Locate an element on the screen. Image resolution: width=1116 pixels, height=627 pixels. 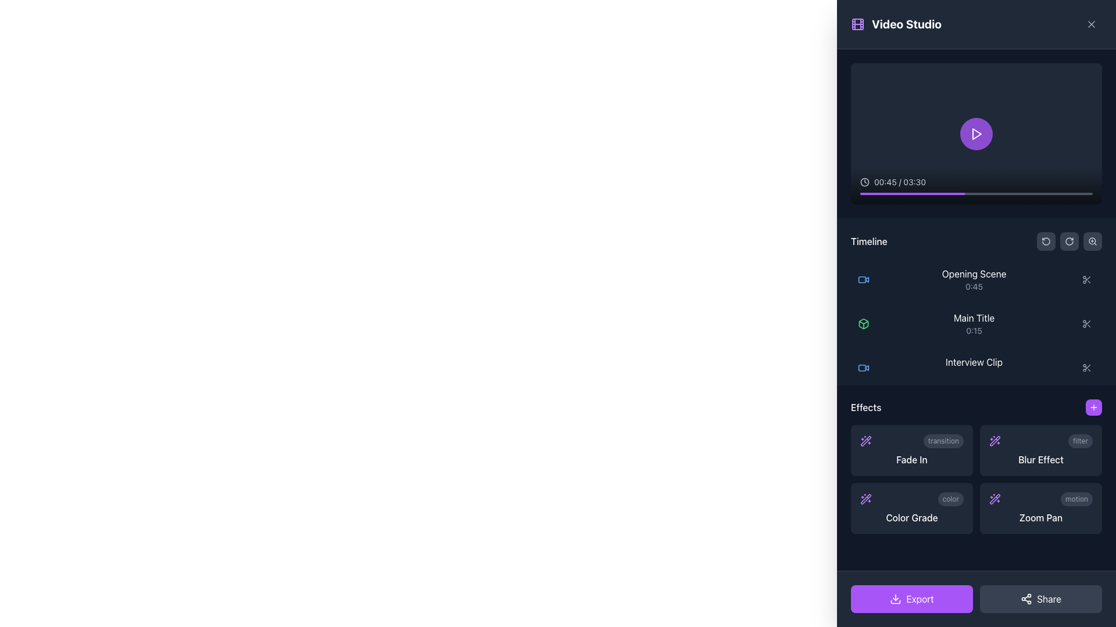
the 'Color Grade' button is located at coordinates (911, 507).